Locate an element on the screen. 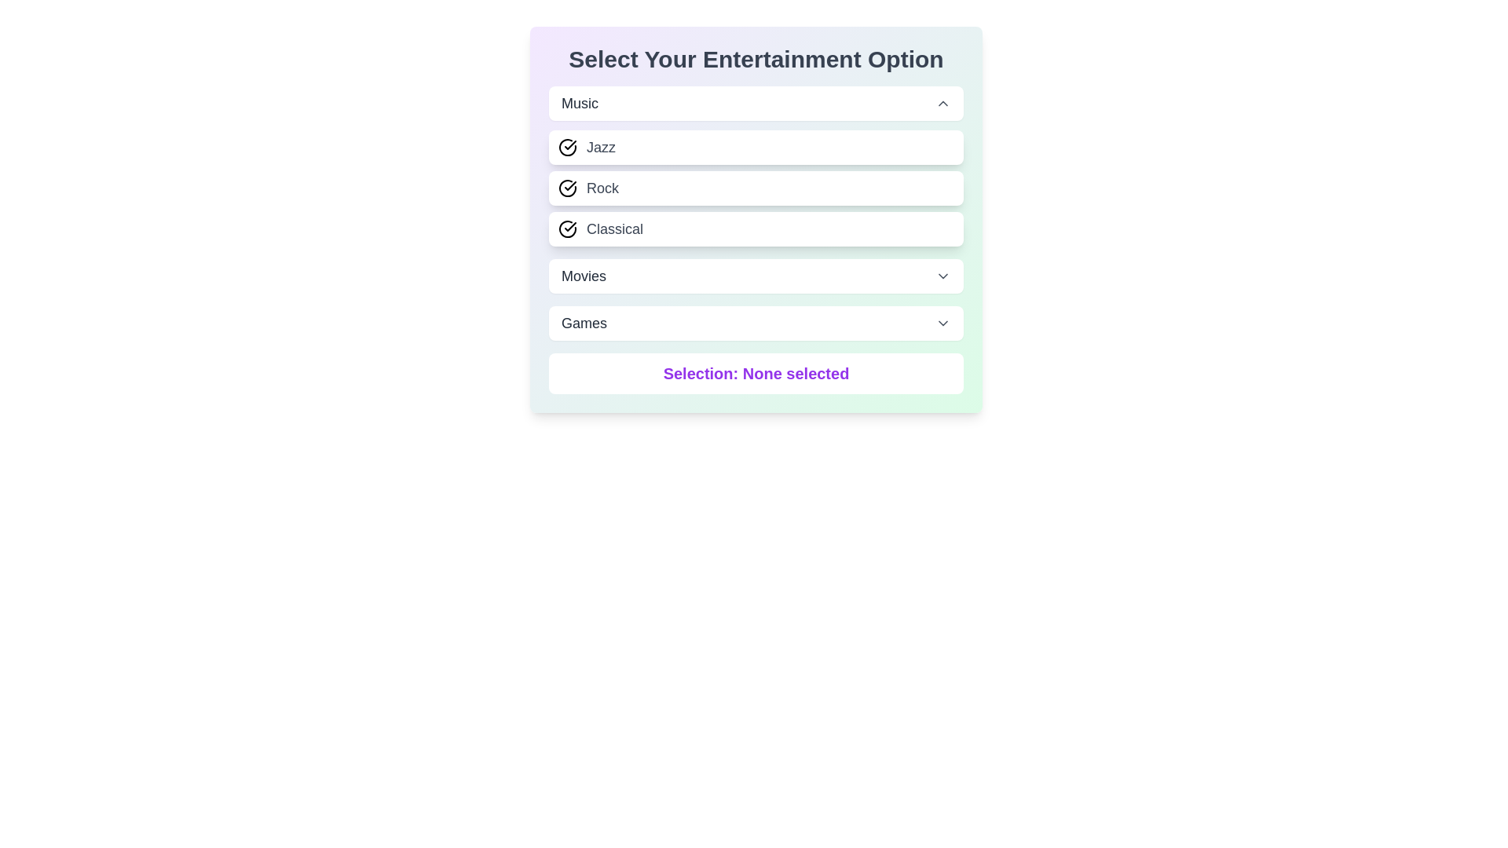 The width and height of the screenshot is (1508, 848). the Dropdown Button for entertainment categories, which is currently set to 'Music', to focus on it using the keyboard is located at coordinates (756, 103).